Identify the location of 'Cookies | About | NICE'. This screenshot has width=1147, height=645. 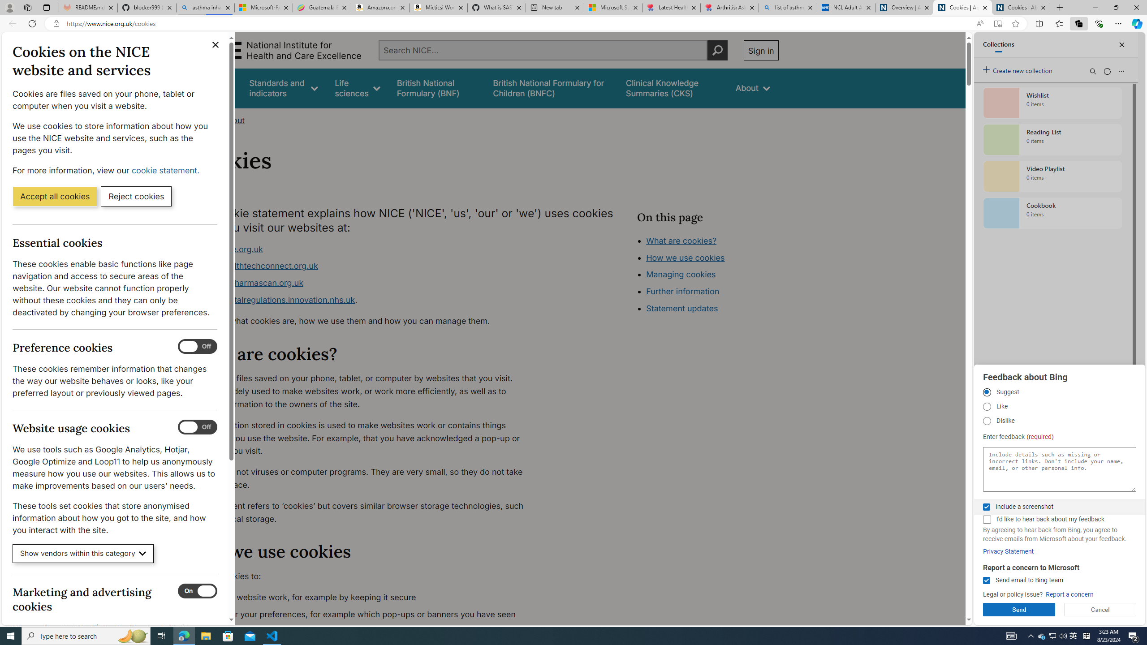
(1021, 7).